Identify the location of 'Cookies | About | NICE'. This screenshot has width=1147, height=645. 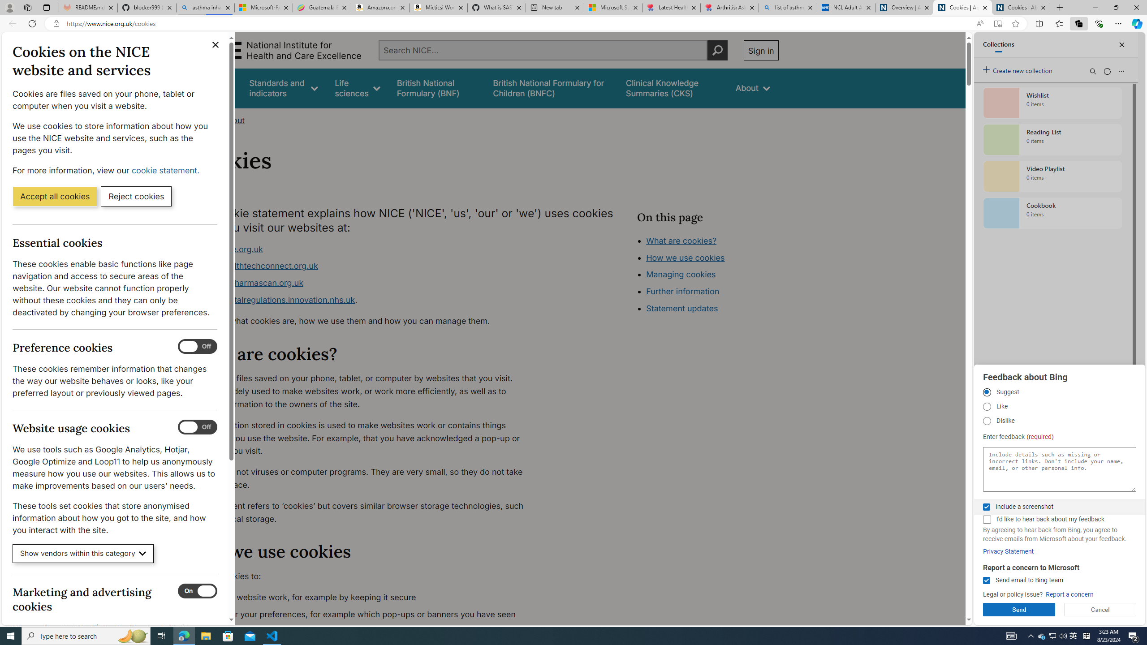
(1021, 7).